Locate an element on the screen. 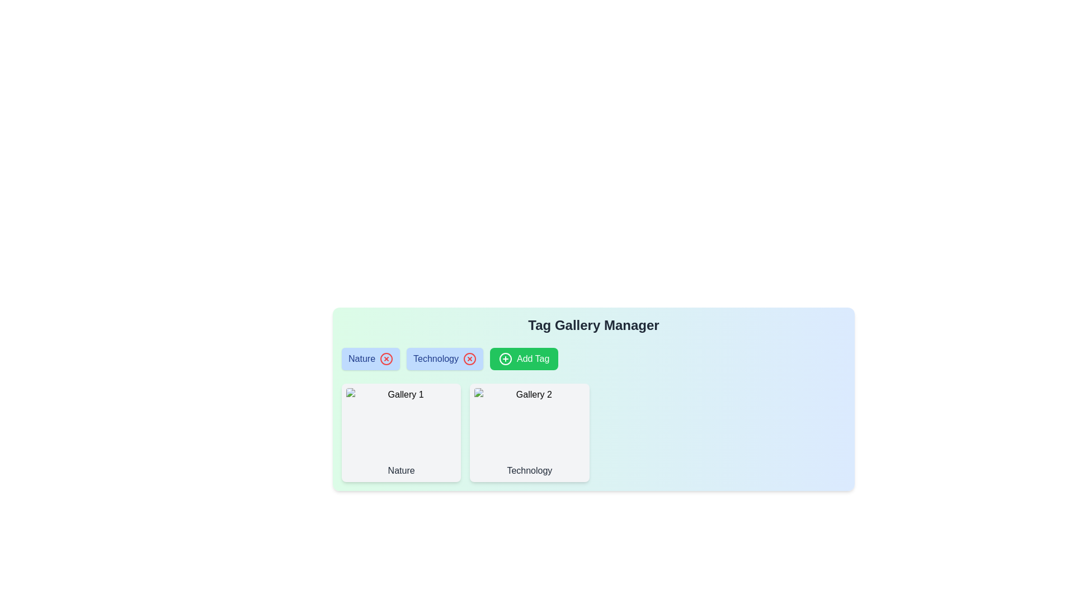 This screenshot has width=1074, height=604. the leftmost card in the grid labeled 'Gallery 1' is located at coordinates (401, 432).